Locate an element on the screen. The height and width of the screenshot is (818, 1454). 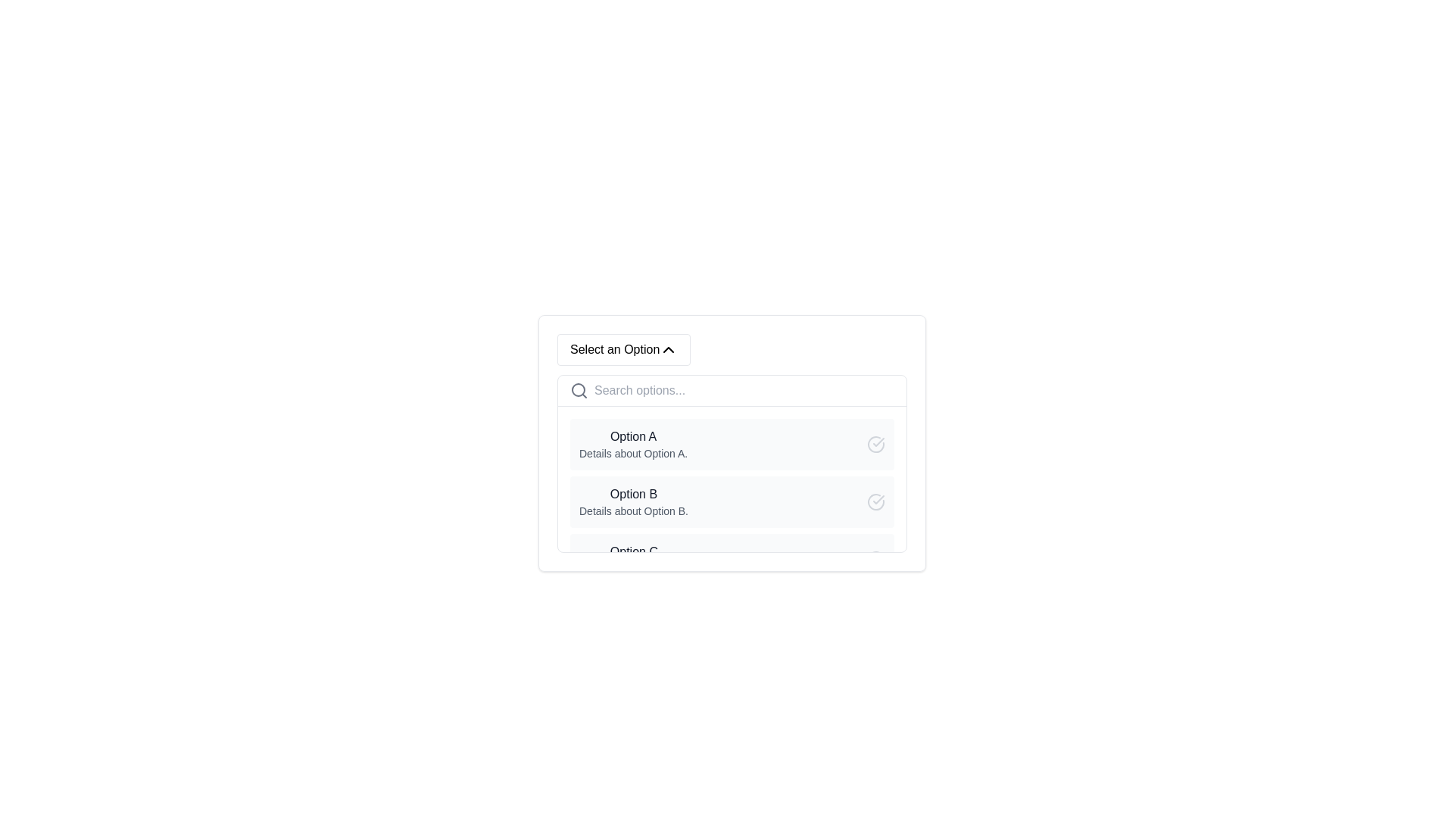
the label reading 'Option A' located in the dropdown menu under 'Select an Option' is located at coordinates (633, 437).